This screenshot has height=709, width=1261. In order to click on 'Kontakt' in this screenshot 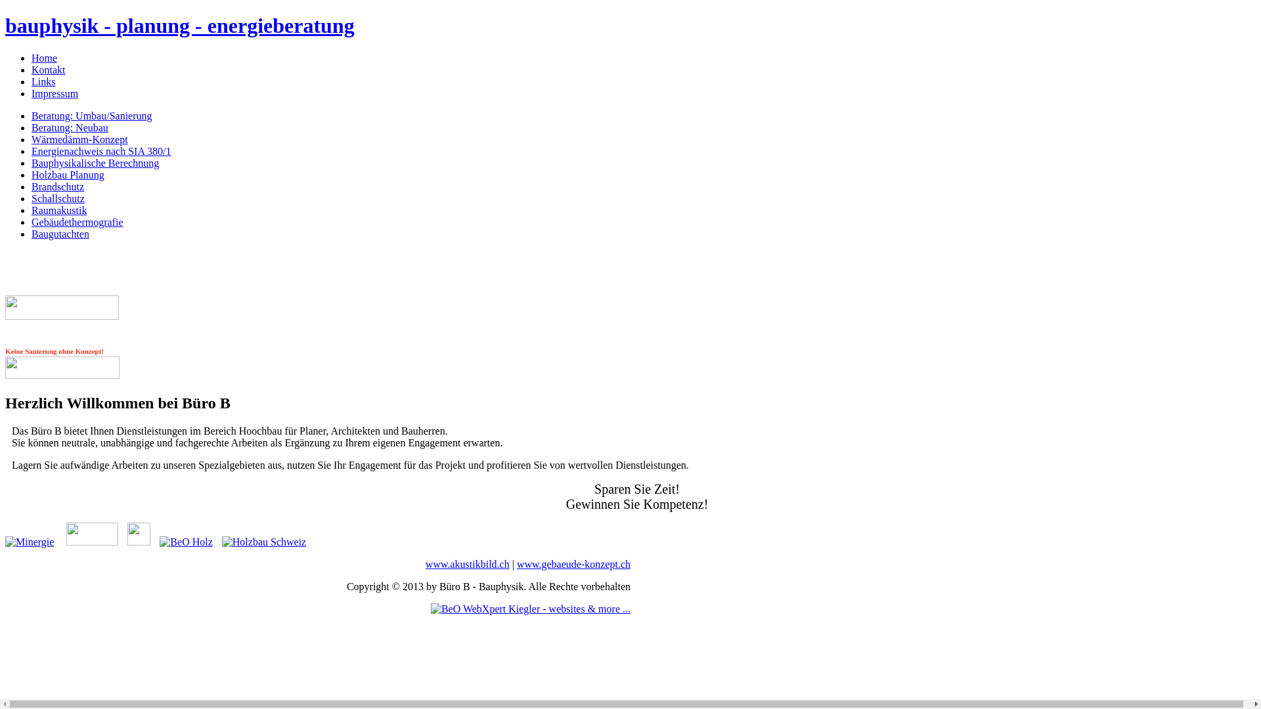, I will do `click(48, 70)`.